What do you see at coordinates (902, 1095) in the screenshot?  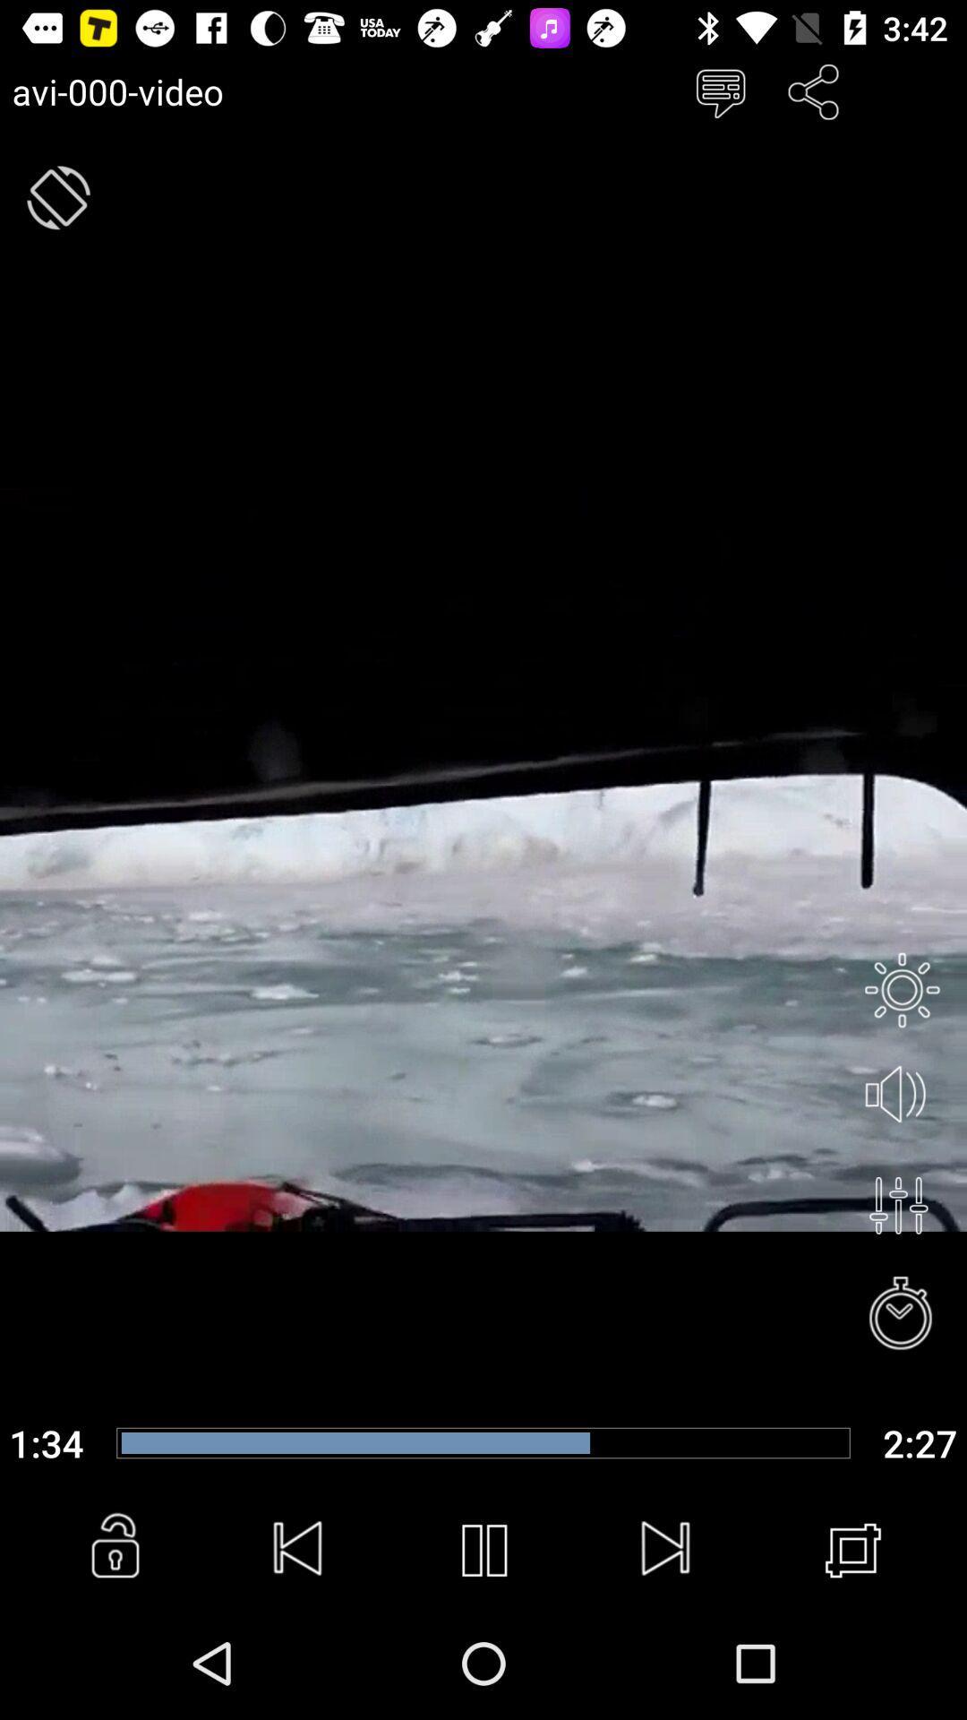 I see `mute button` at bounding box center [902, 1095].